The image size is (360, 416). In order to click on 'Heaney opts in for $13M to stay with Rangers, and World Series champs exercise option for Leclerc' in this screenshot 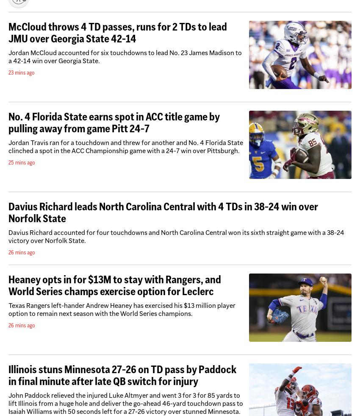, I will do `click(114, 285)`.